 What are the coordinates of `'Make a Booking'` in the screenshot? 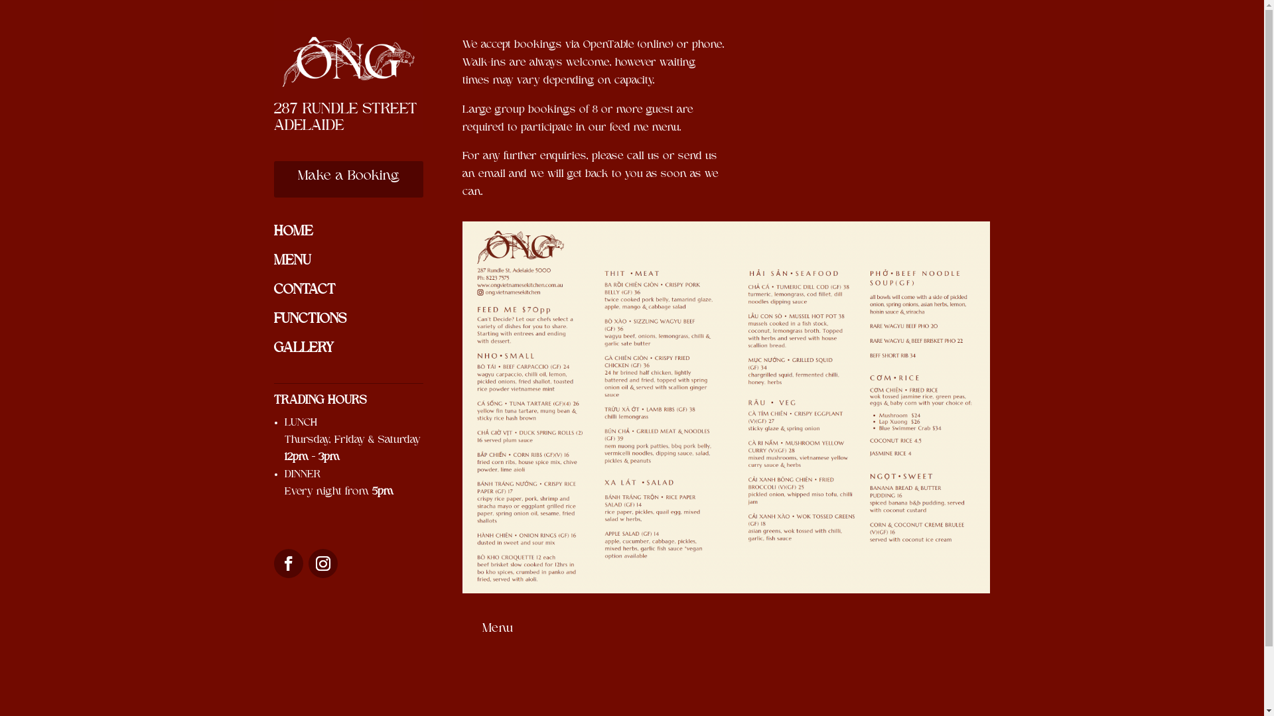 It's located at (348, 179).